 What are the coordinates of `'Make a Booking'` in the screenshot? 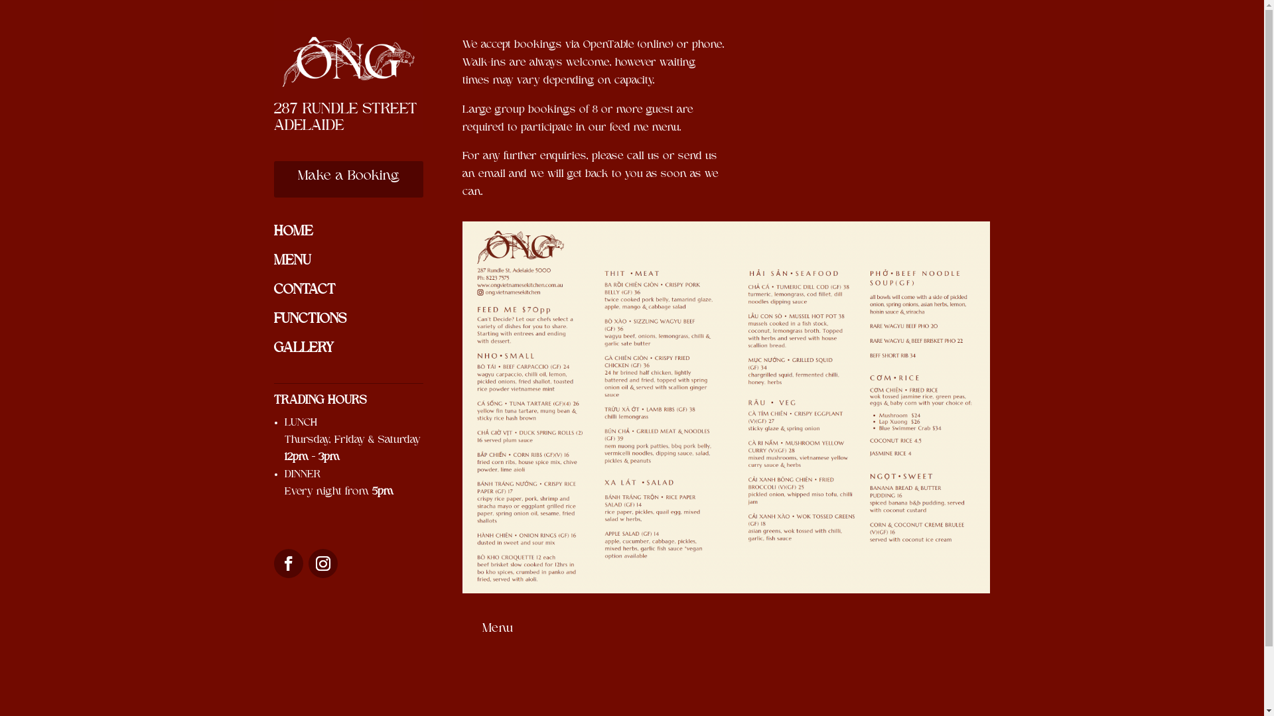 It's located at (348, 179).